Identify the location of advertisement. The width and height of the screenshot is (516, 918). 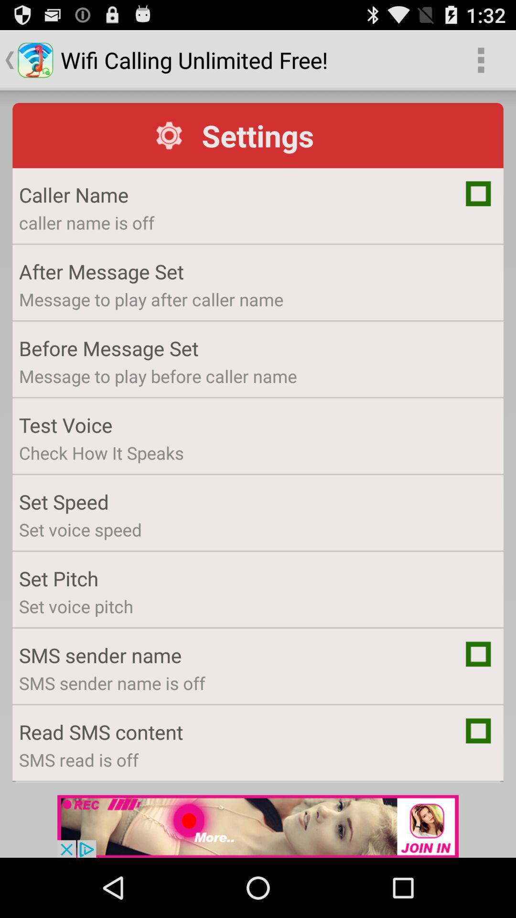
(258, 826).